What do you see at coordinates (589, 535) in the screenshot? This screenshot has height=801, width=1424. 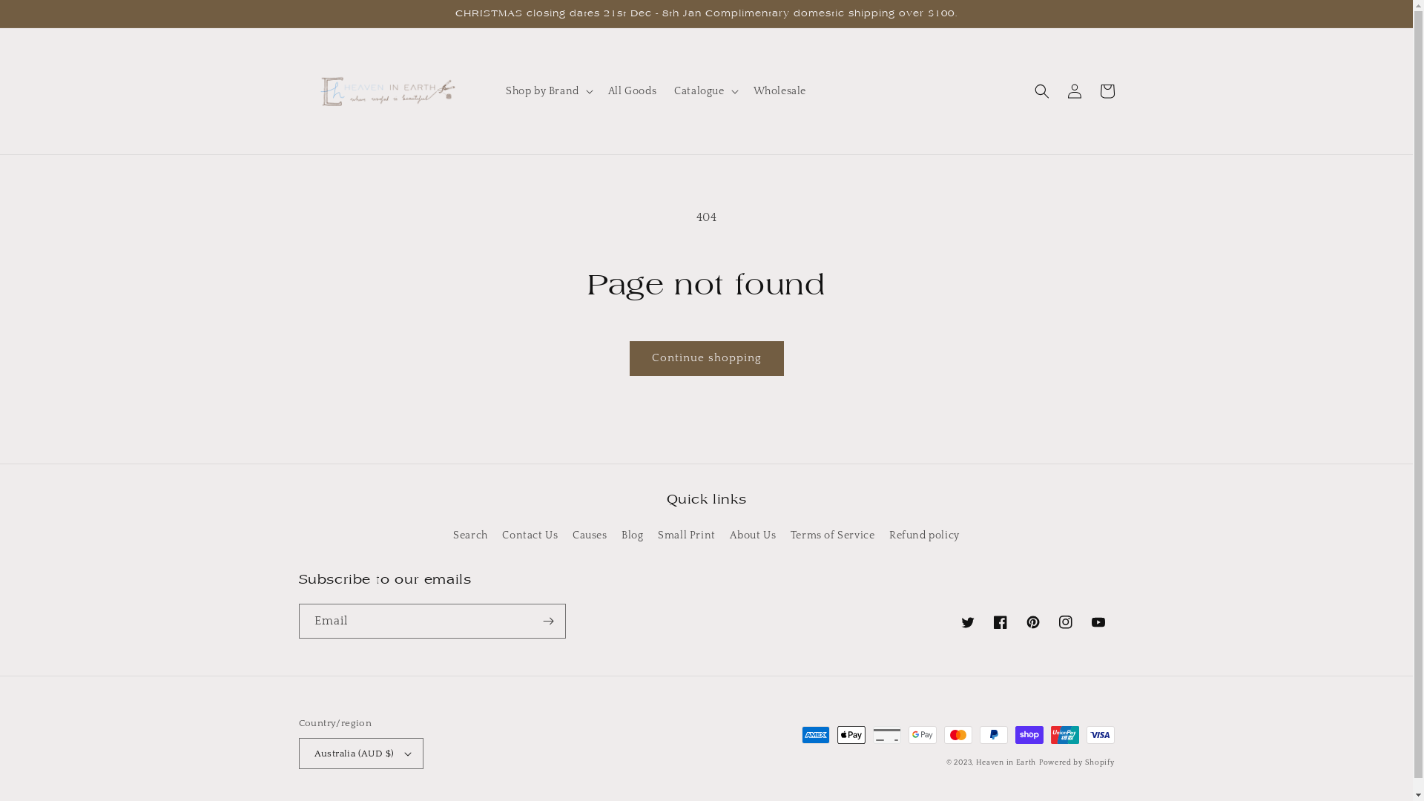 I see `'Causes'` at bounding box center [589, 535].